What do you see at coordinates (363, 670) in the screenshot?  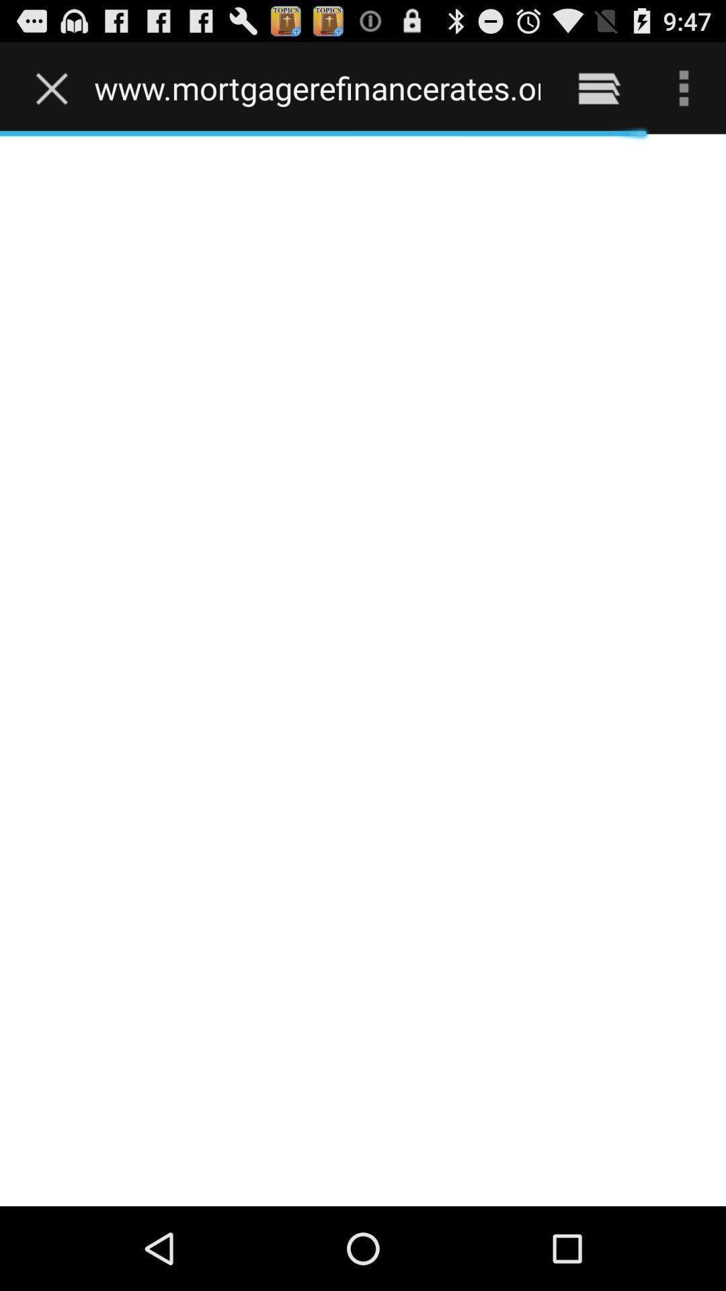 I see `the item at the center` at bounding box center [363, 670].